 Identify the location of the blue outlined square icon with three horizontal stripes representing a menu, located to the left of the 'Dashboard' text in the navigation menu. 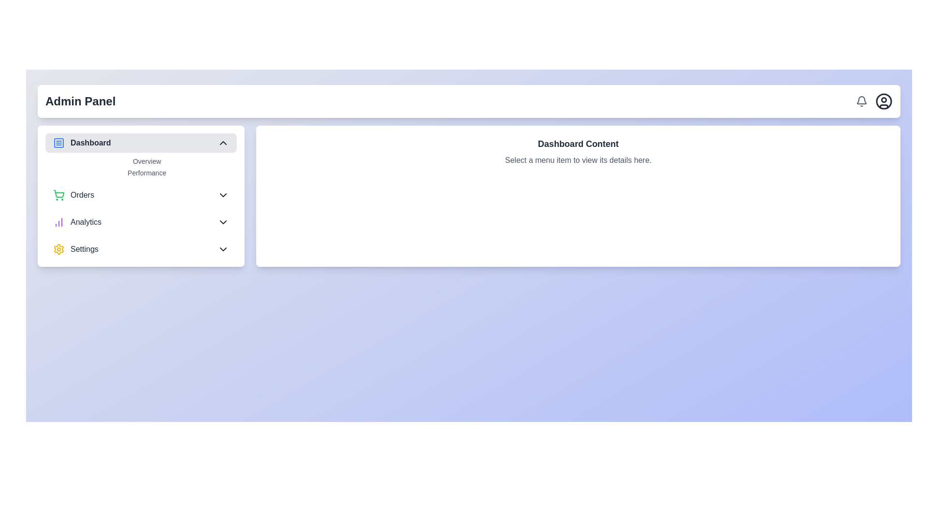
(58, 143).